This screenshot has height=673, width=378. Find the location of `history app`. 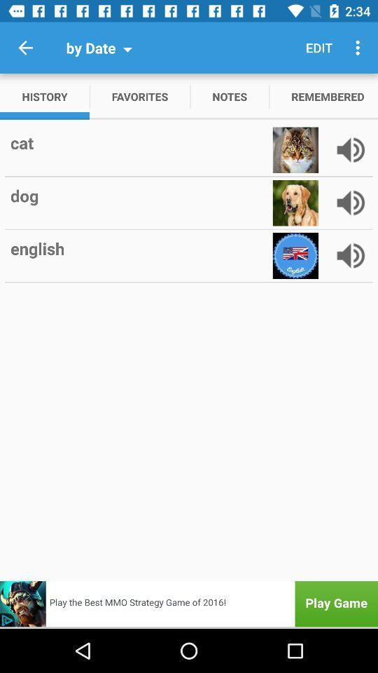

history app is located at coordinates (45, 95).